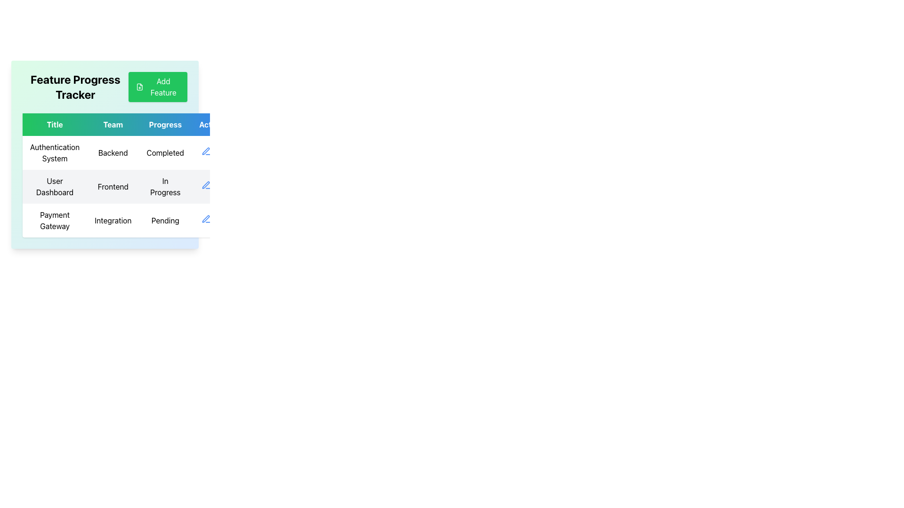 Image resolution: width=904 pixels, height=508 pixels. I want to click on the edit icon associated with the 'User Dashboard' entry in the Action column of the table, so click(206, 185).